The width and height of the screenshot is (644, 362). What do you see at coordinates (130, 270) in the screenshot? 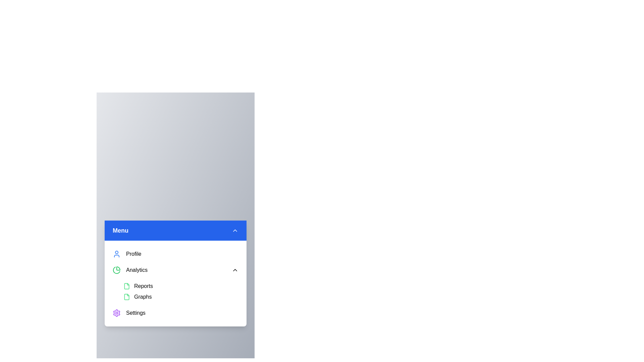
I see `the menu item that provides a navigational link to the analytics section, which is positioned second in the menu list, below 'Profile' and above 'Reports'` at bounding box center [130, 270].